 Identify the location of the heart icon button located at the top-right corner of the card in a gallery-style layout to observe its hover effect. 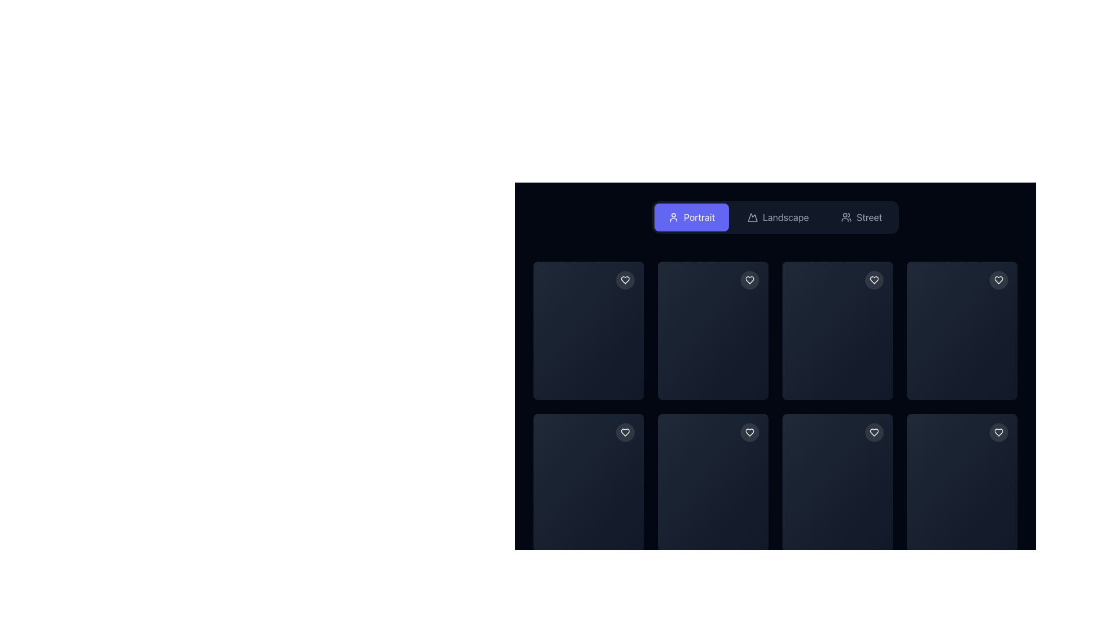
(750, 280).